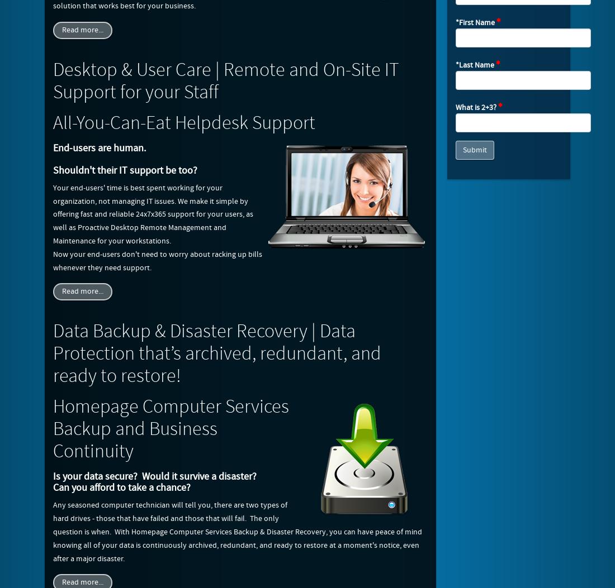 The height and width of the screenshot is (588, 615). What do you see at coordinates (475, 22) in the screenshot?
I see `'*First Name'` at bounding box center [475, 22].